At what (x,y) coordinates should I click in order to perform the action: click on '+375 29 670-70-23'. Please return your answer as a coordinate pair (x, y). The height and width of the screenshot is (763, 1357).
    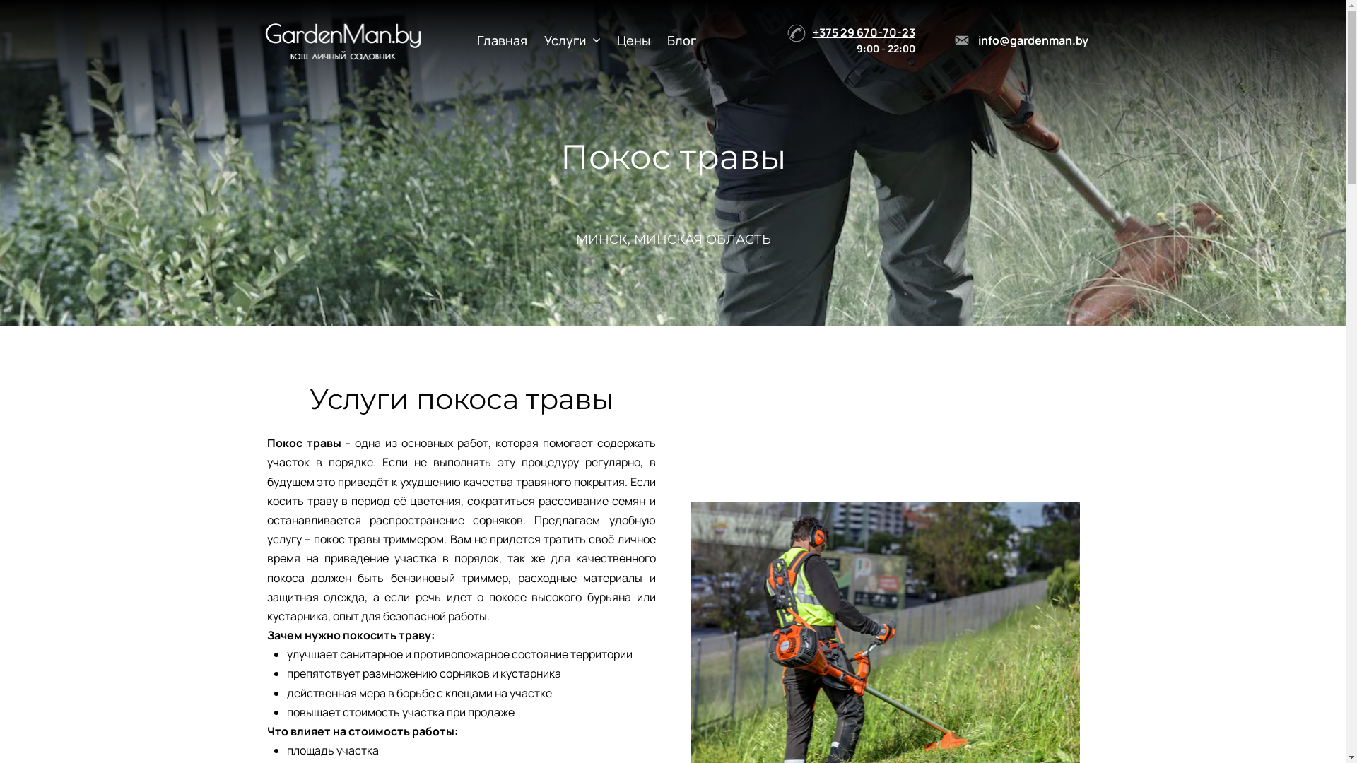
    Looking at the image, I should click on (863, 32).